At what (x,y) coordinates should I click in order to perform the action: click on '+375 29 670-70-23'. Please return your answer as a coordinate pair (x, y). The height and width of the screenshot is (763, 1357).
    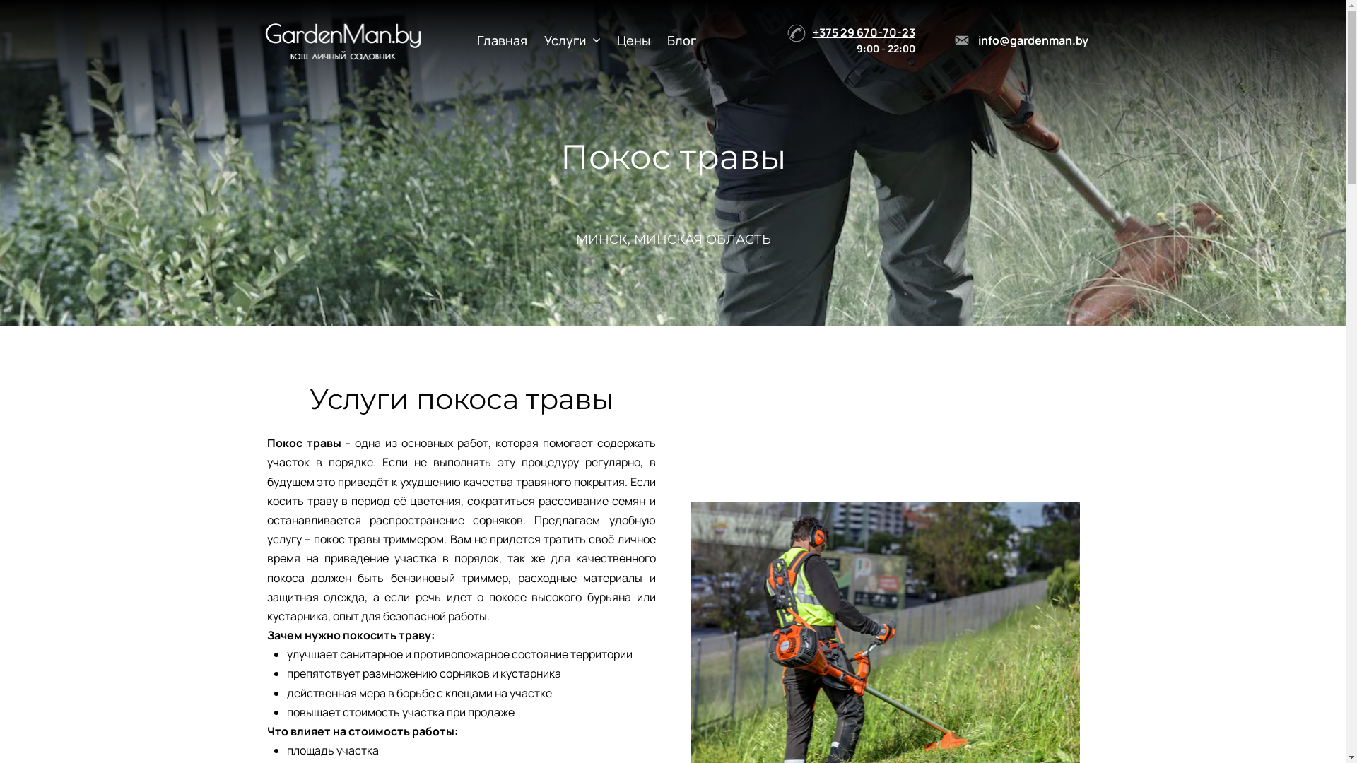
    Looking at the image, I should click on (863, 32).